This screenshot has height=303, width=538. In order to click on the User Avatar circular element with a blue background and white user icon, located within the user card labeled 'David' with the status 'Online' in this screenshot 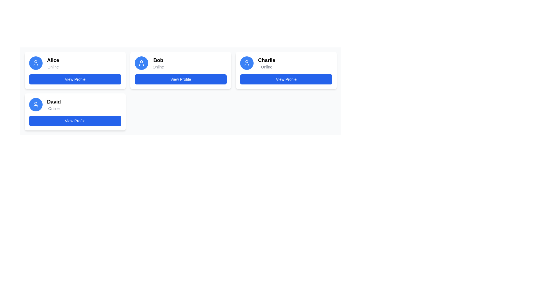, I will do `click(36, 105)`.